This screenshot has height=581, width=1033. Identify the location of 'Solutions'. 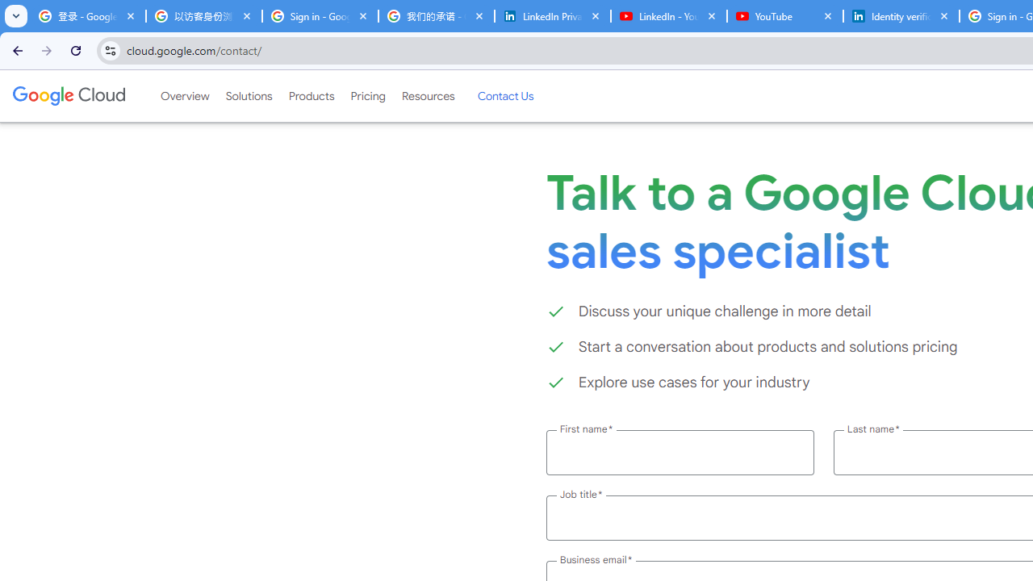
(248, 96).